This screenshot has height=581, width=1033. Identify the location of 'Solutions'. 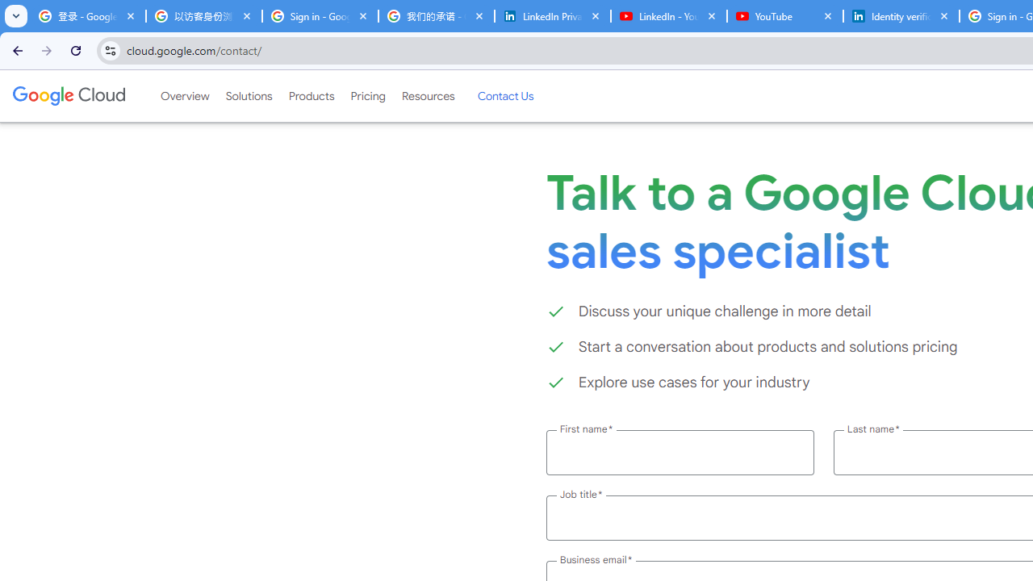
(248, 96).